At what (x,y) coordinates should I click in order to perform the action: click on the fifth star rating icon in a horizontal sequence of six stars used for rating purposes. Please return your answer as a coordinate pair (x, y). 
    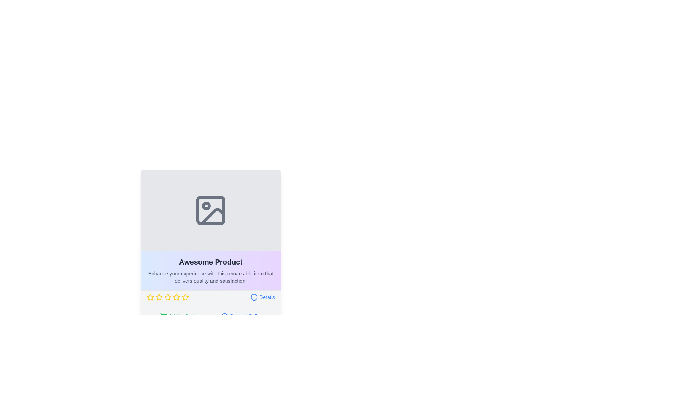
    Looking at the image, I should click on (185, 297).